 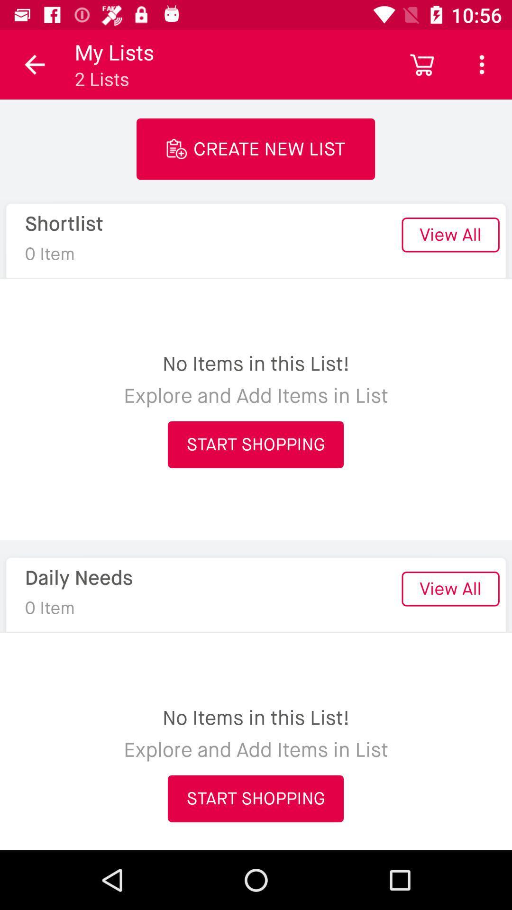 I want to click on app to the left of the my lists, so click(x=34, y=64).